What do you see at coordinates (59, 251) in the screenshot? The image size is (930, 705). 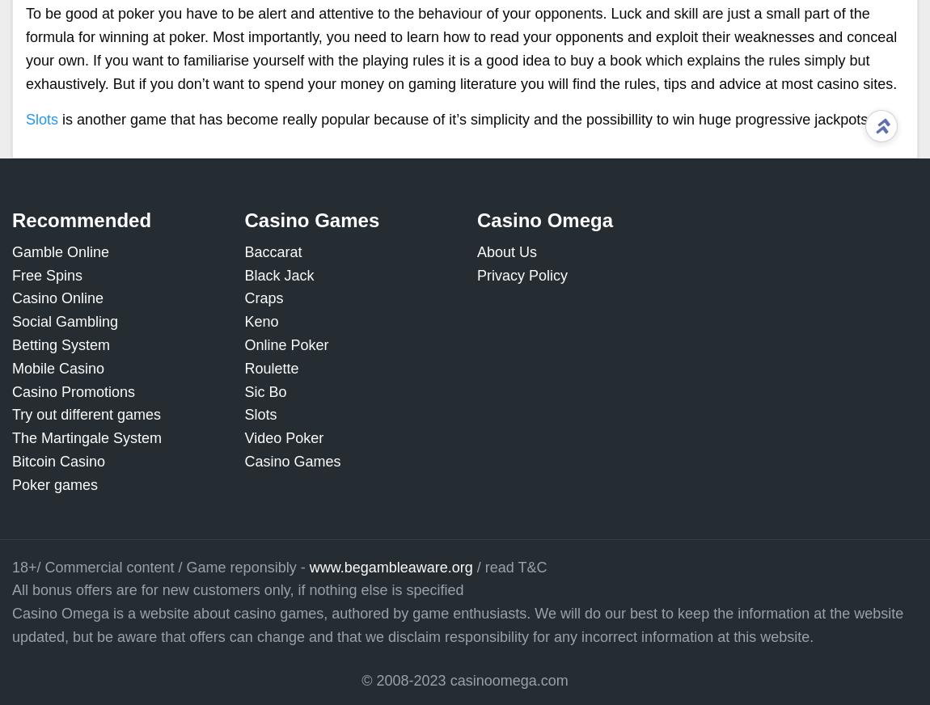 I see `'Gamble Online'` at bounding box center [59, 251].